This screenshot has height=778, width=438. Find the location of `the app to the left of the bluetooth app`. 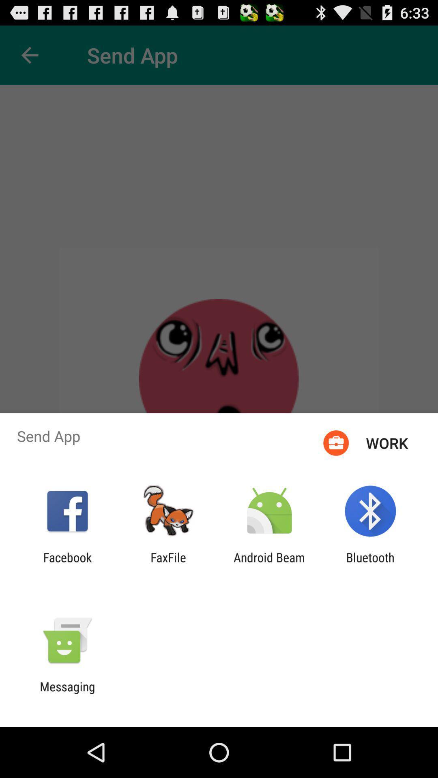

the app to the left of the bluetooth app is located at coordinates (269, 564).